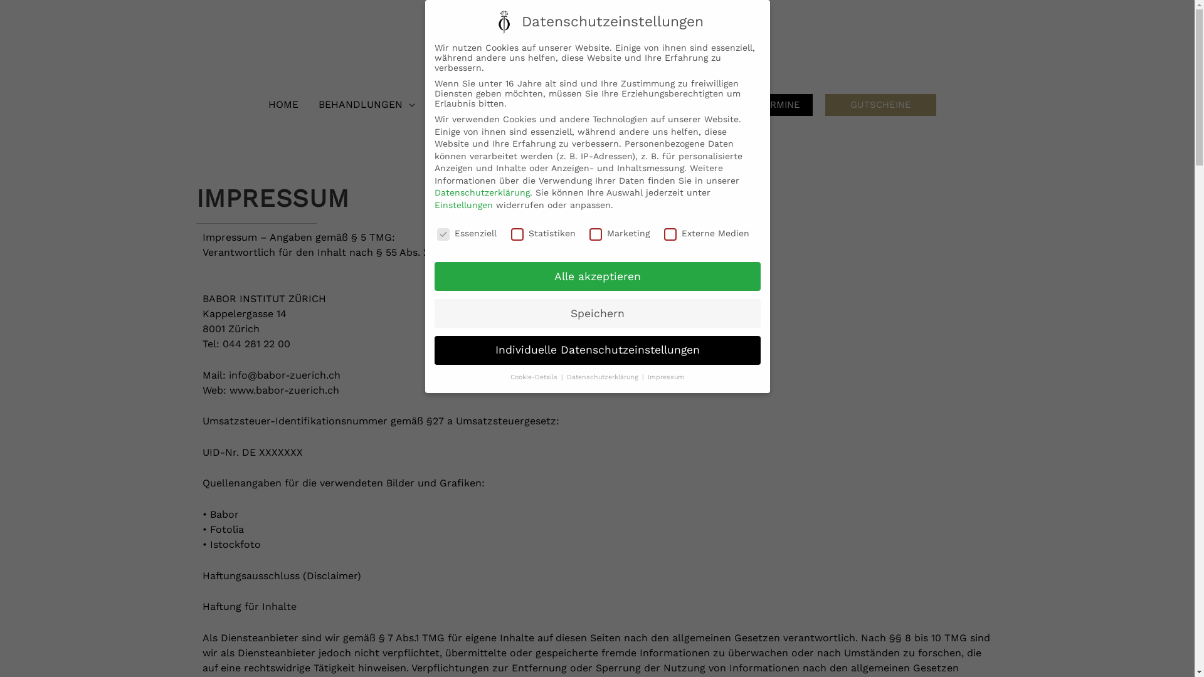  What do you see at coordinates (665, 376) in the screenshot?
I see `'Impressum'` at bounding box center [665, 376].